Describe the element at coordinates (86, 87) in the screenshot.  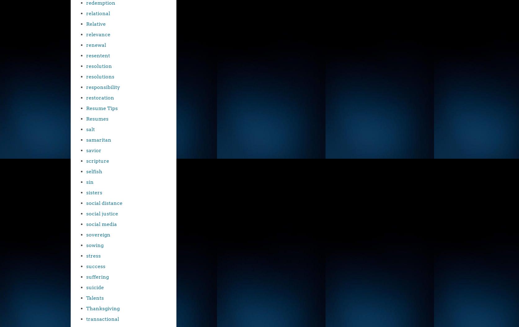
I see `'responsibility'` at that location.